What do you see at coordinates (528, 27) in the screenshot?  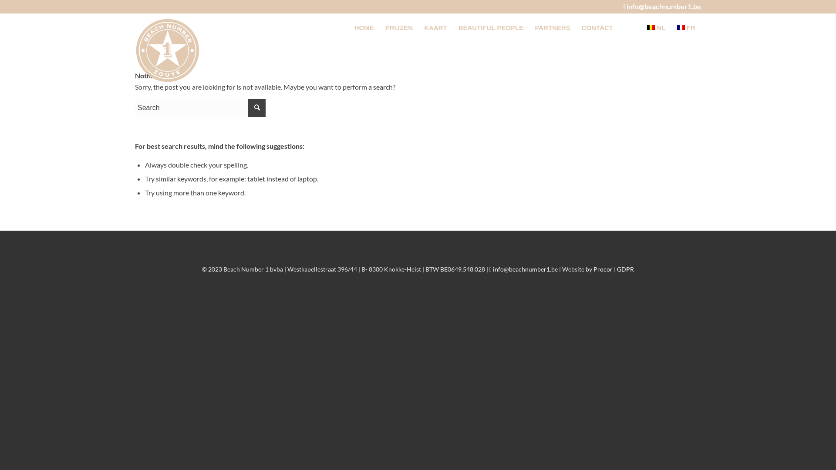 I see `'PARTNERS'` at bounding box center [528, 27].